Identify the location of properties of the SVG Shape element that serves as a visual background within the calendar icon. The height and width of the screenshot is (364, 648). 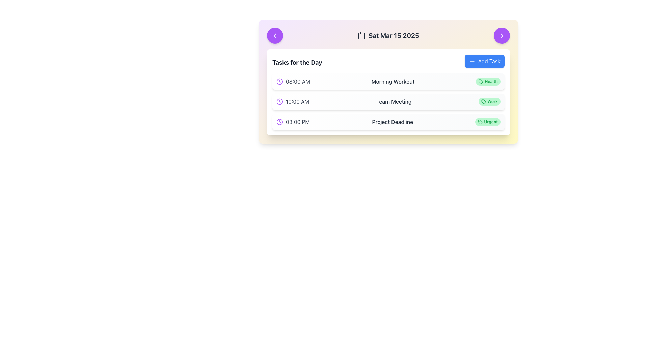
(361, 36).